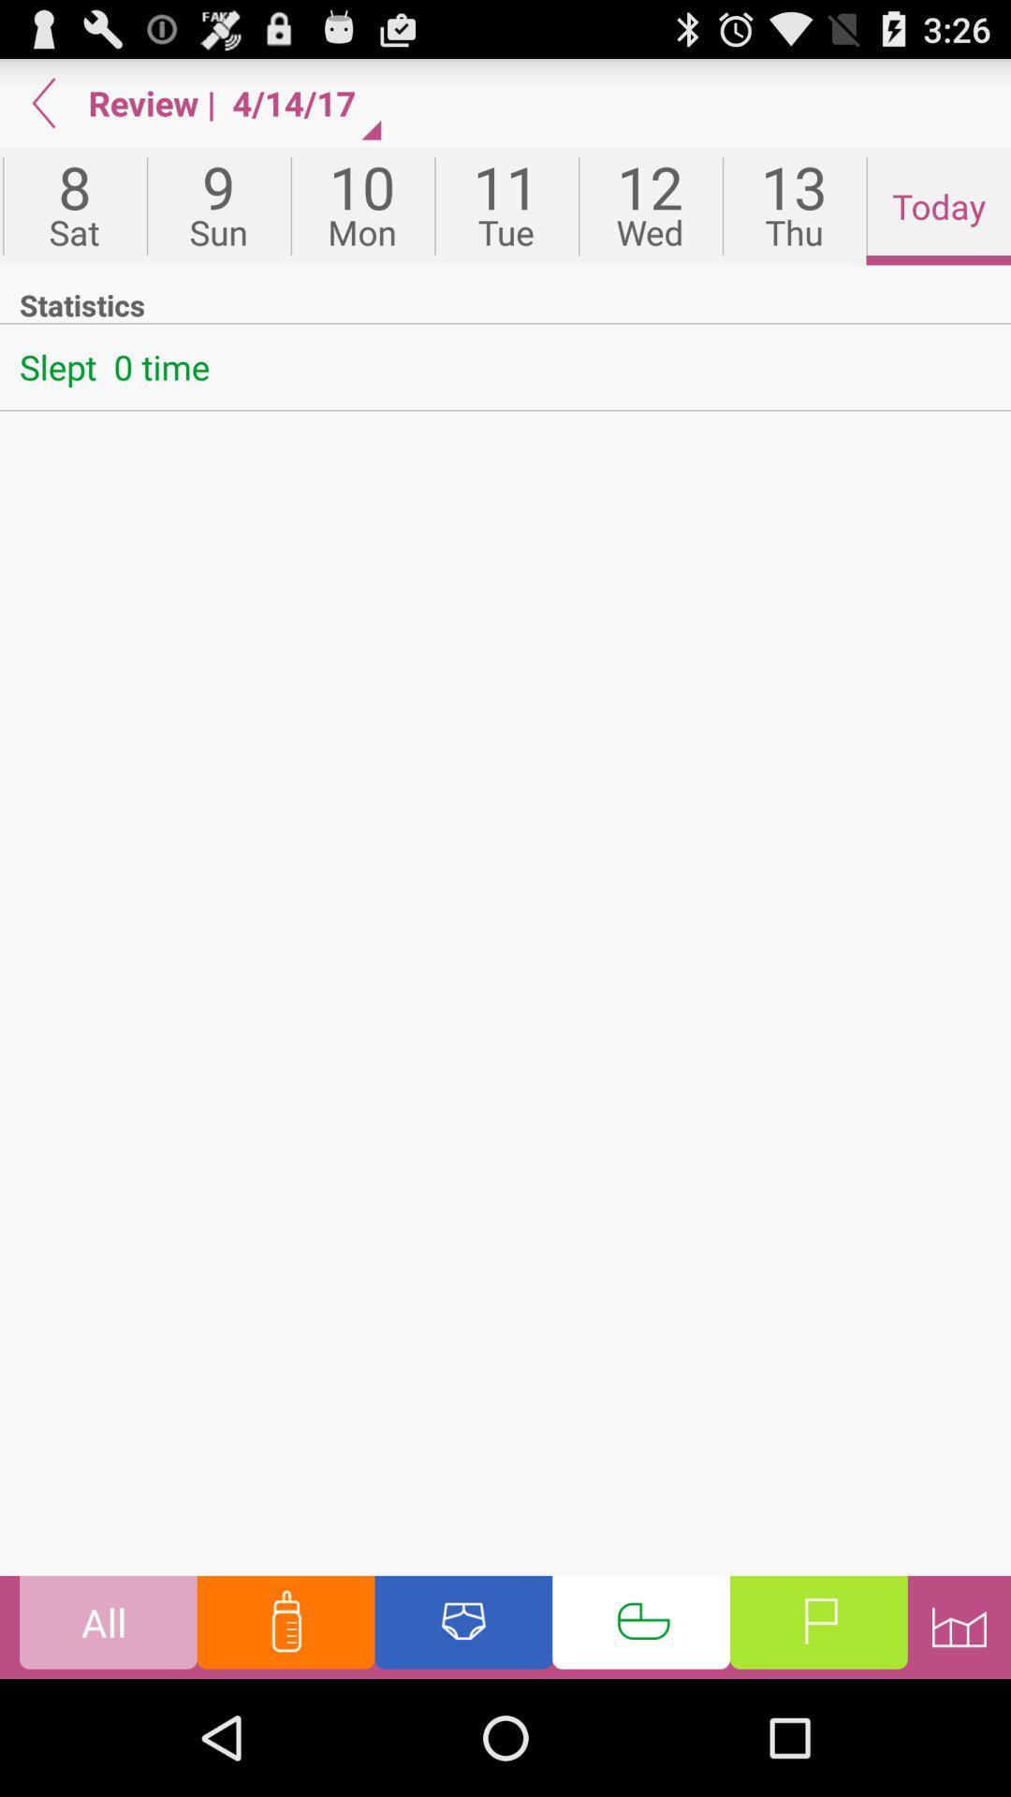 The image size is (1011, 1797). Describe the element at coordinates (649, 206) in the screenshot. I see `the date between 11 tue and 13 thu` at that location.